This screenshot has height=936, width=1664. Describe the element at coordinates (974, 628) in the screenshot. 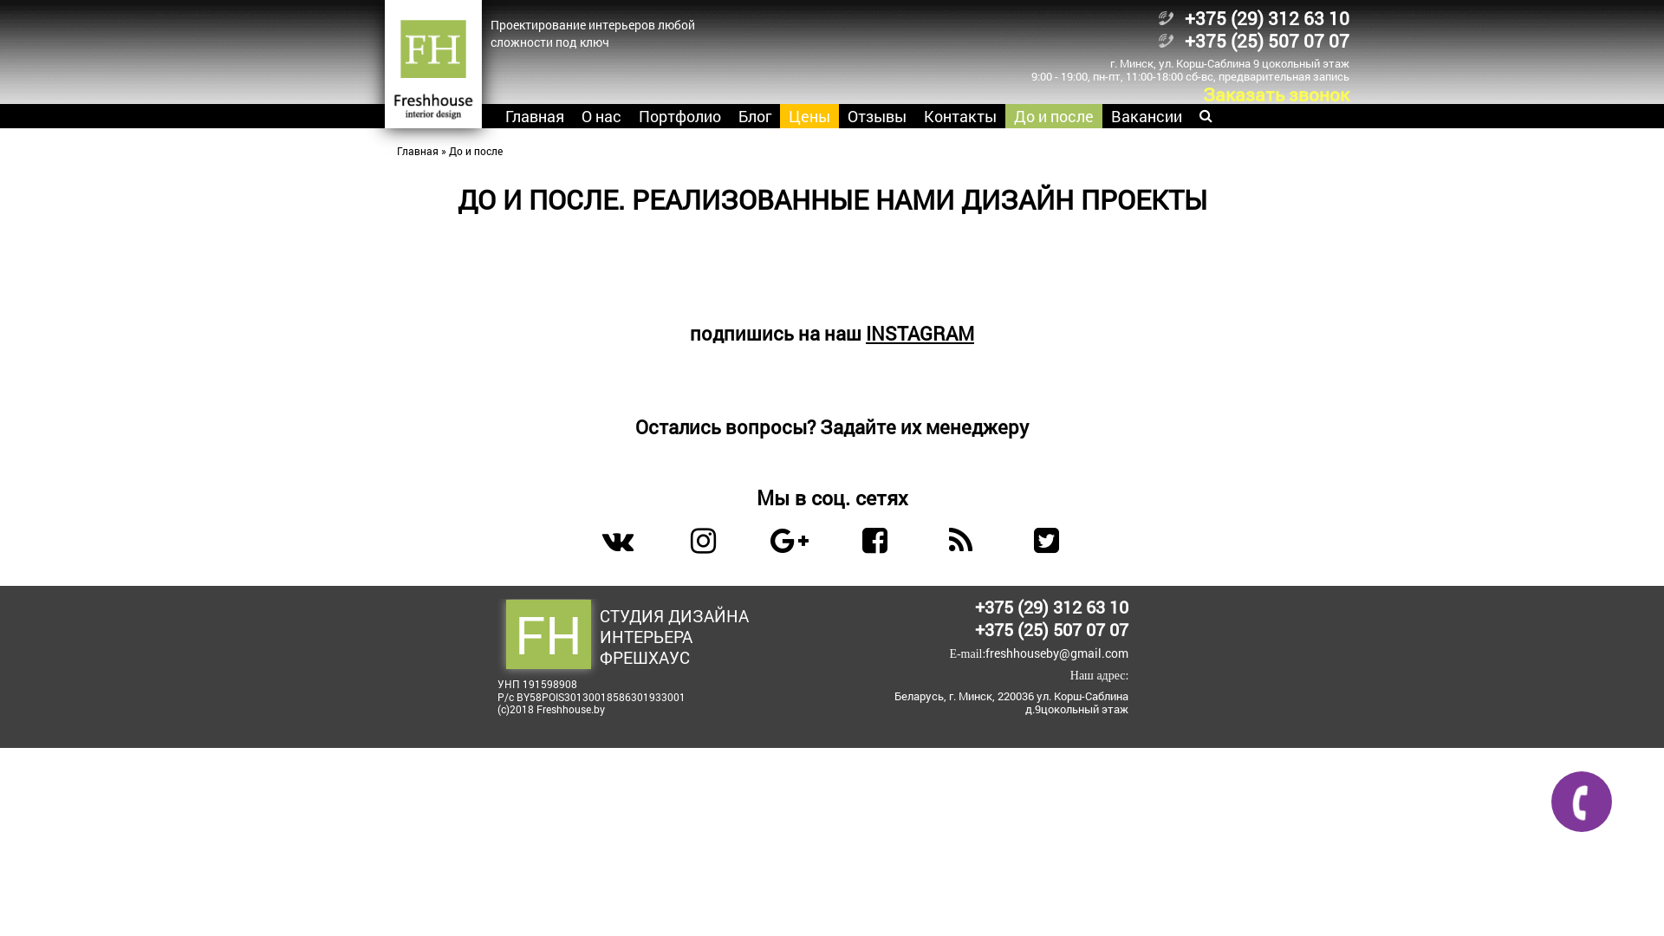

I see `'+375 (25) 507 07 07'` at that location.